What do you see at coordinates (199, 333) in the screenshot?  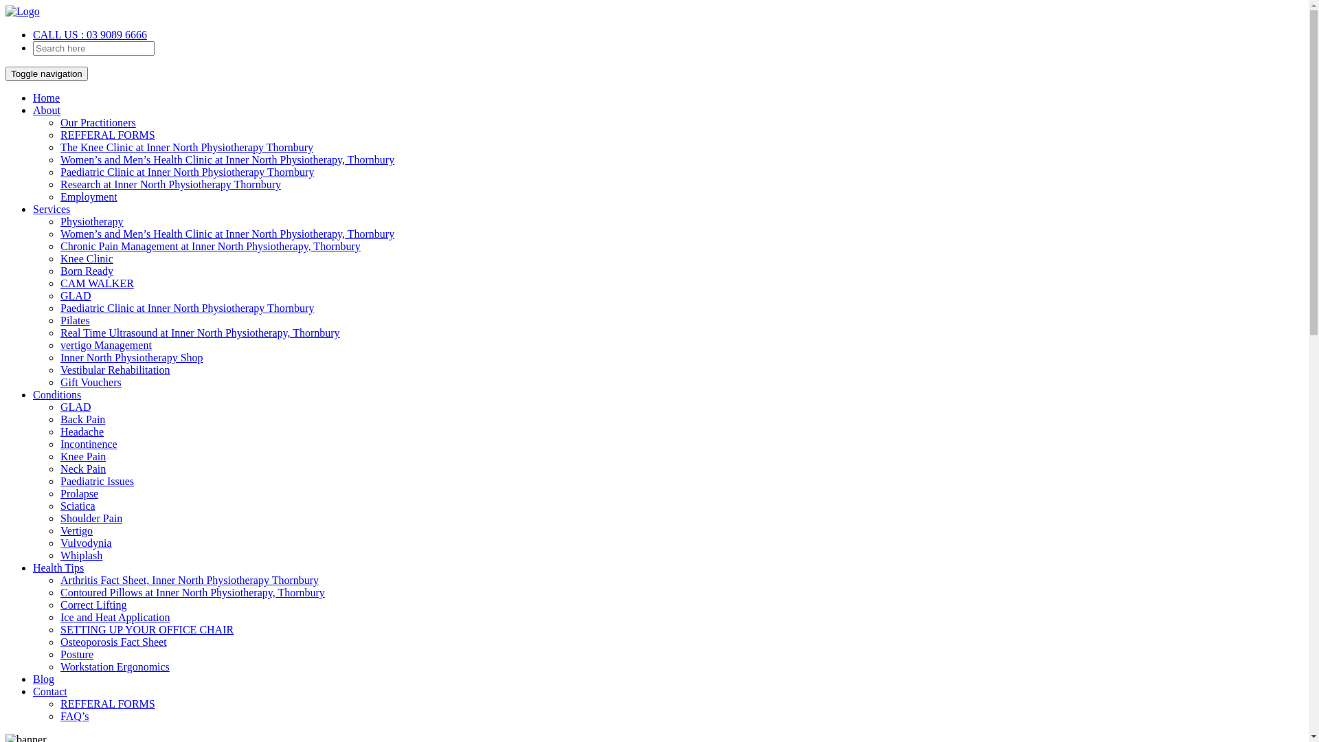 I see `'Real Time Ultrasound at Inner North Physiotherapy, Thornbury'` at bounding box center [199, 333].